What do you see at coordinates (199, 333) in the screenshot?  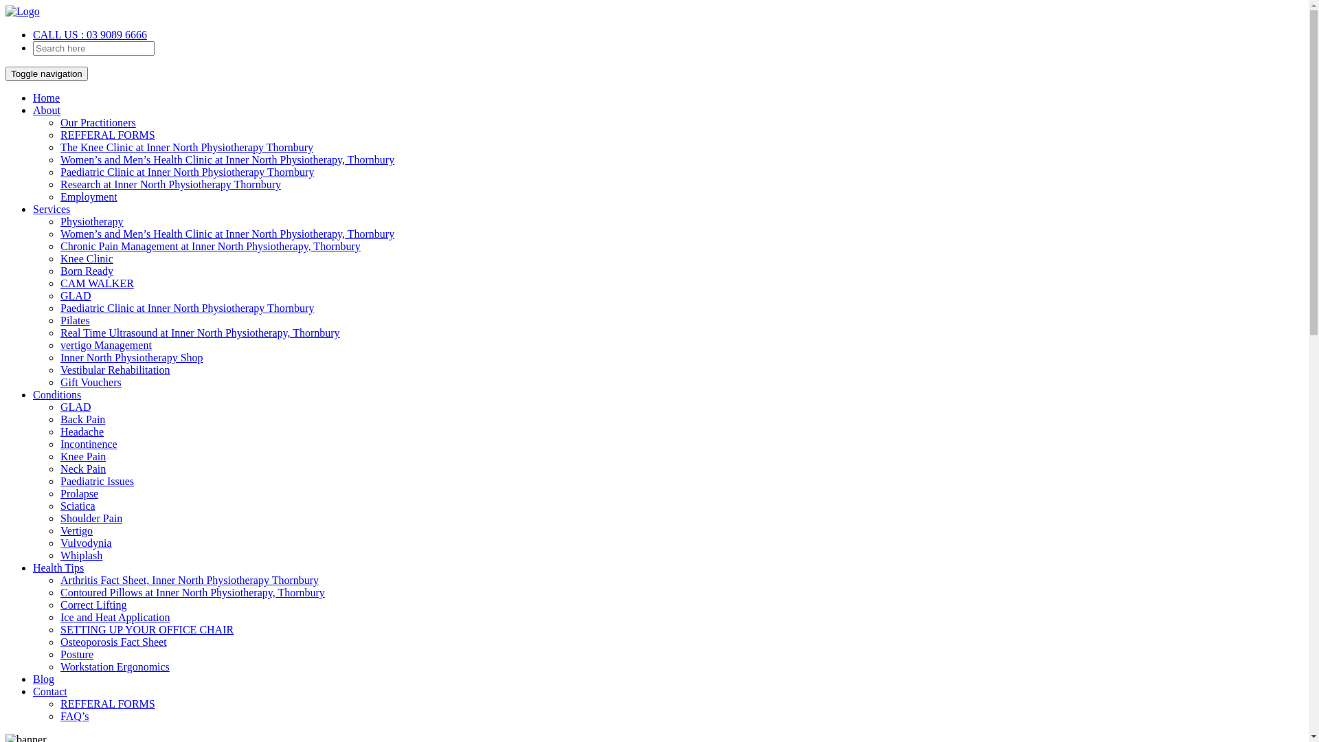 I see `'Real Time Ultrasound at Inner North Physiotherapy, Thornbury'` at bounding box center [199, 333].